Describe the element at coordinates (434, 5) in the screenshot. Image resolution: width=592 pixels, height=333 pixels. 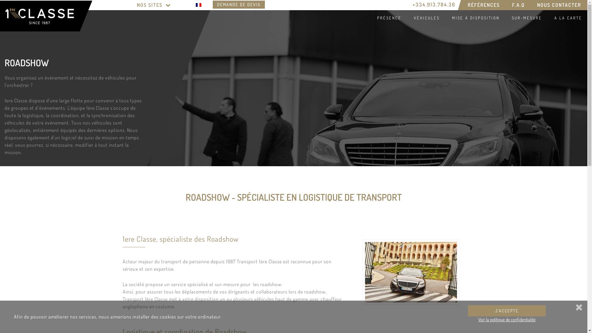
I see `'+334.913.784.36'` at that location.